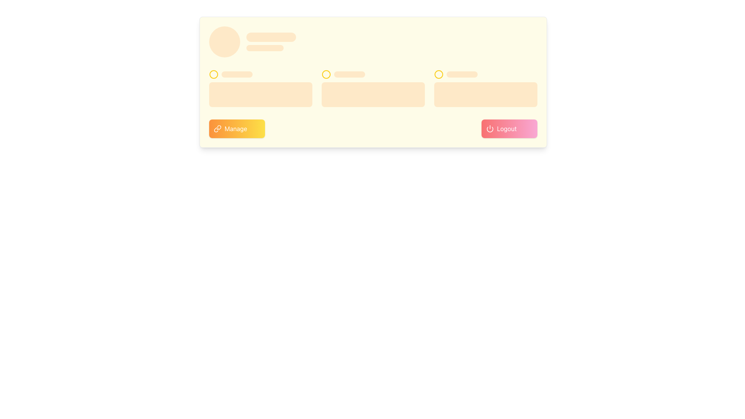 Image resolution: width=745 pixels, height=419 pixels. Describe the element at coordinates (214, 74) in the screenshot. I see `the decorative status indicator icon located to the left of an avatar depiction in the top-left quadrant of the interface` at that location.